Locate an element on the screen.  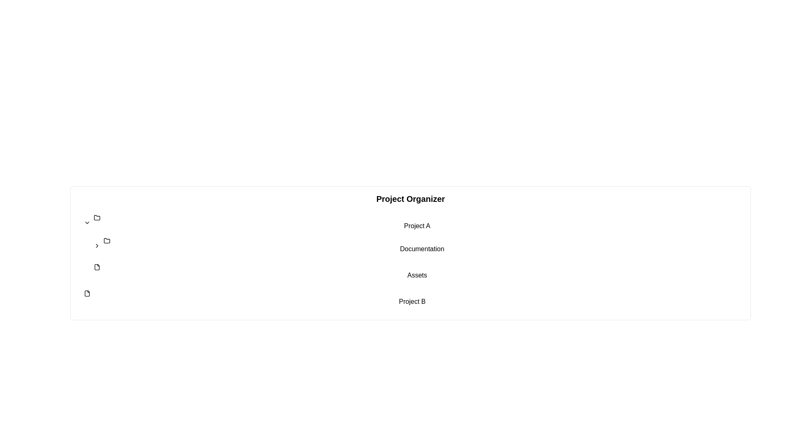
the text item displaying 'Documentation' located in the 'Project Organizer' section is located at coordinates (422, 245).